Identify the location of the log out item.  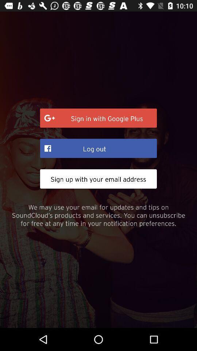
(98, 148).